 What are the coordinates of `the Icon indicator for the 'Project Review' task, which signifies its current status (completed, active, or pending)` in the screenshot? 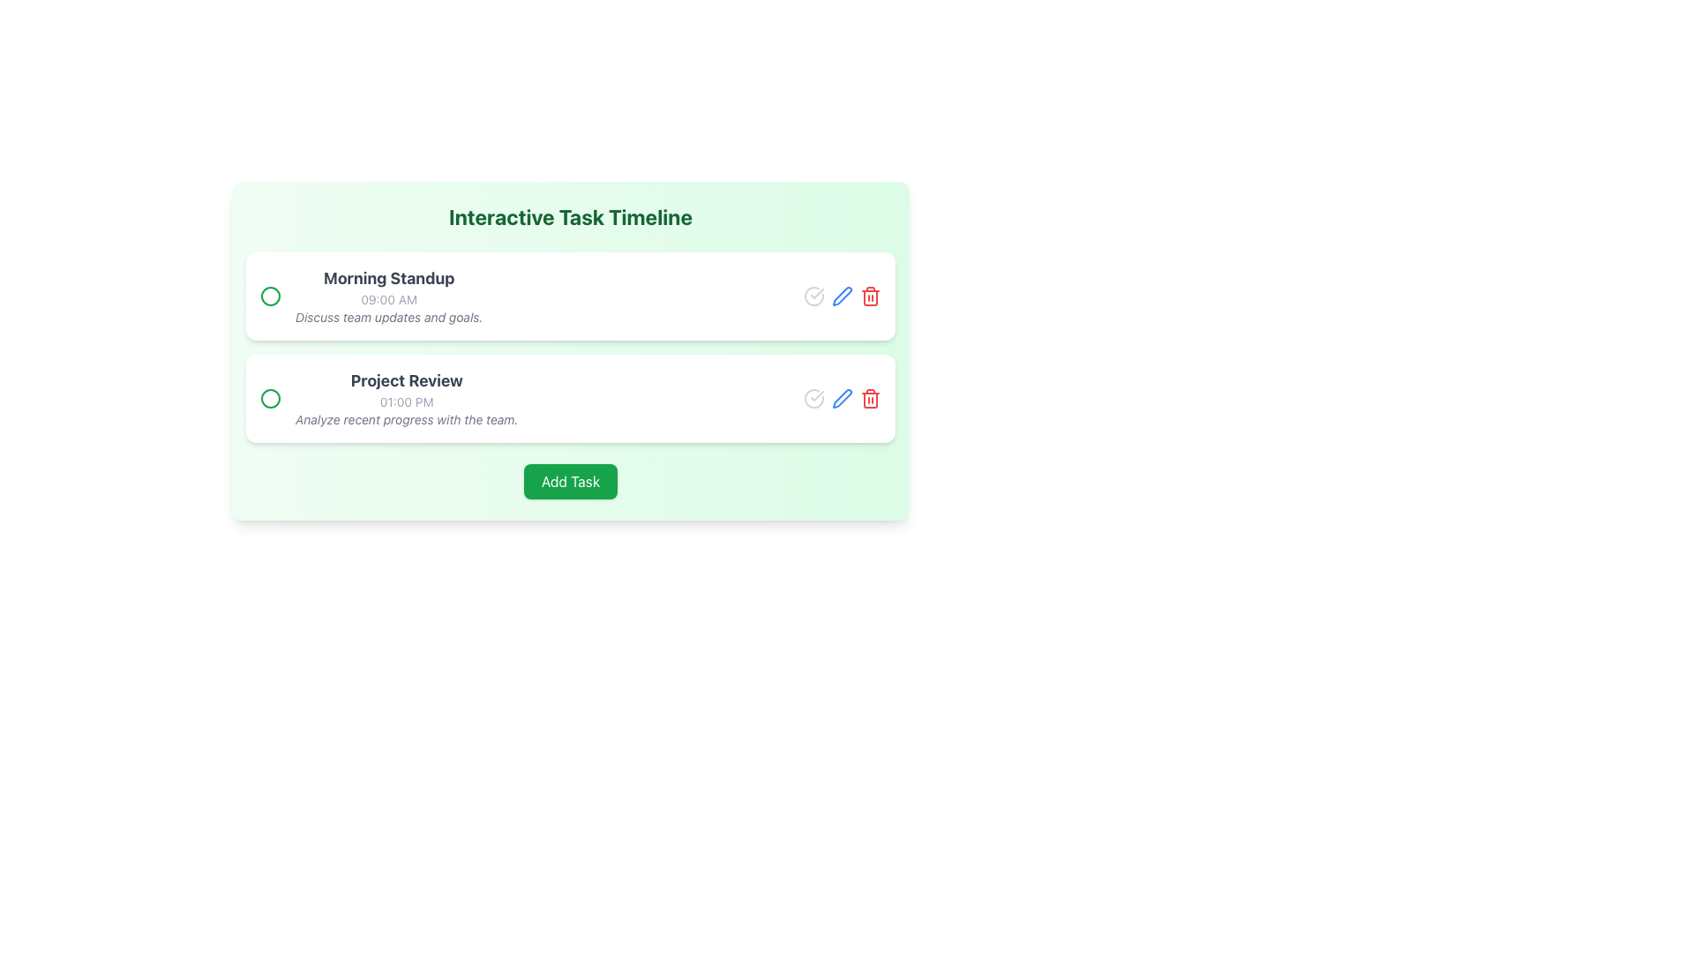 It's located at (270, 398).